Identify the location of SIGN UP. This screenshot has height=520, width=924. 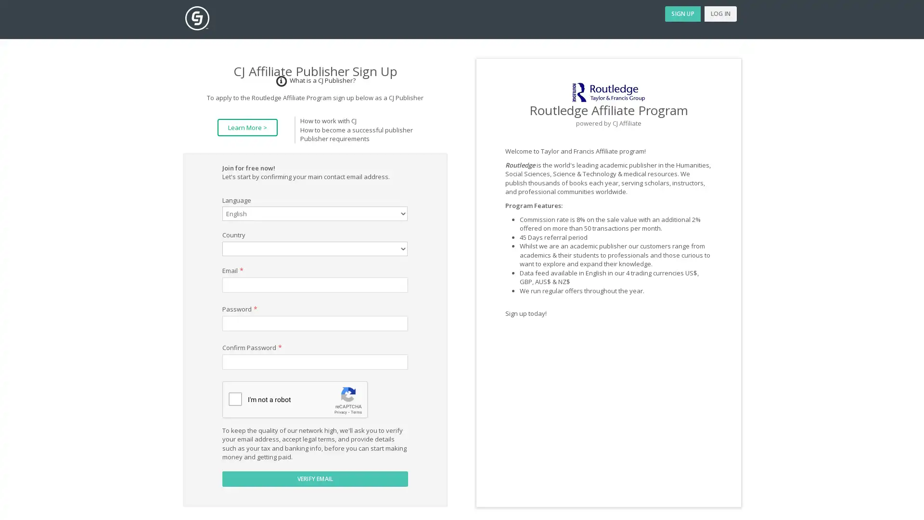
(682, 14).